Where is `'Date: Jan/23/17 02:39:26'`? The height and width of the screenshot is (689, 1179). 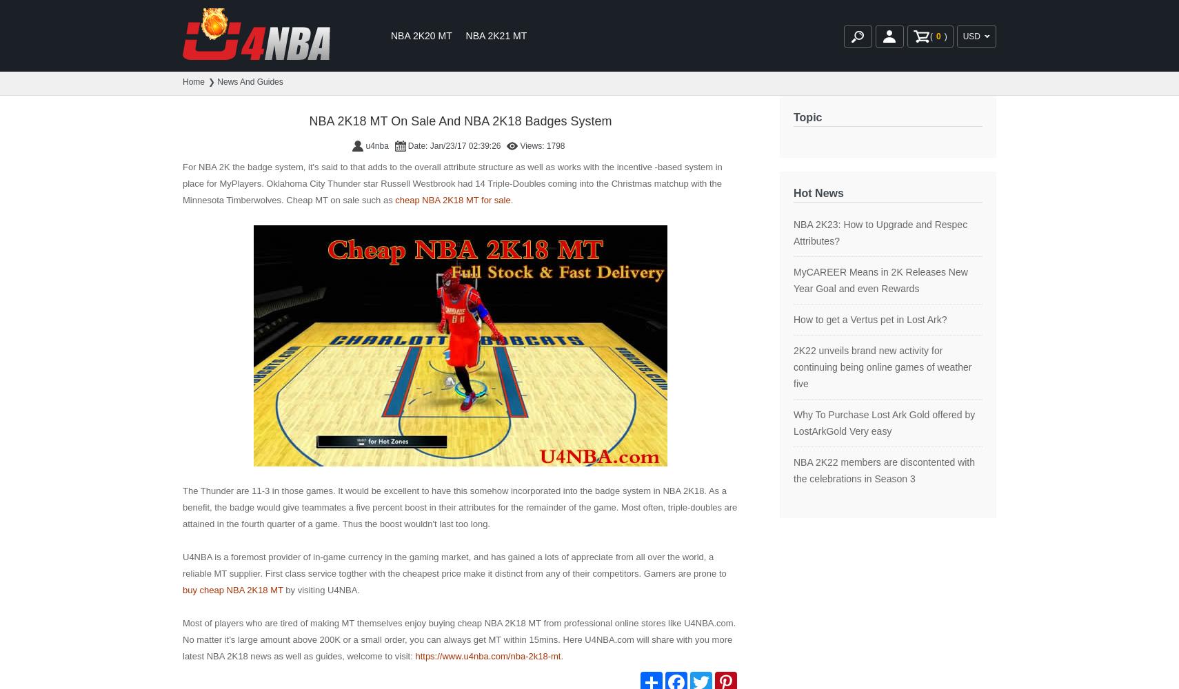
'Date: Jan/23/17 02:39:26' is located at coordinates (454, 145).